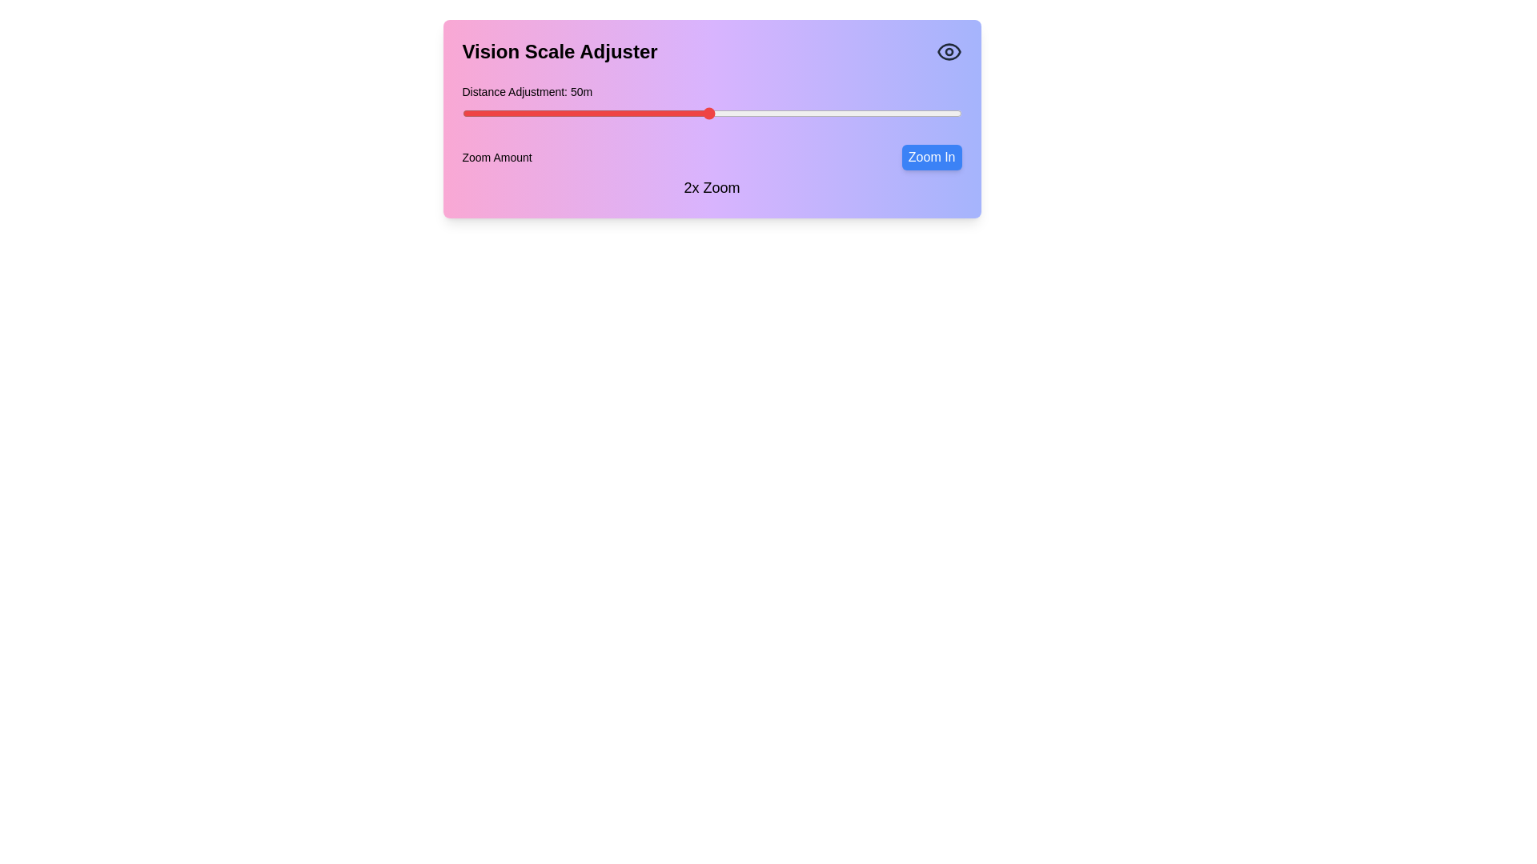  I want to click on the vector graphic segment that visually complements the eye icon, located near the top-right corner of the main panel, so click(949, 51).